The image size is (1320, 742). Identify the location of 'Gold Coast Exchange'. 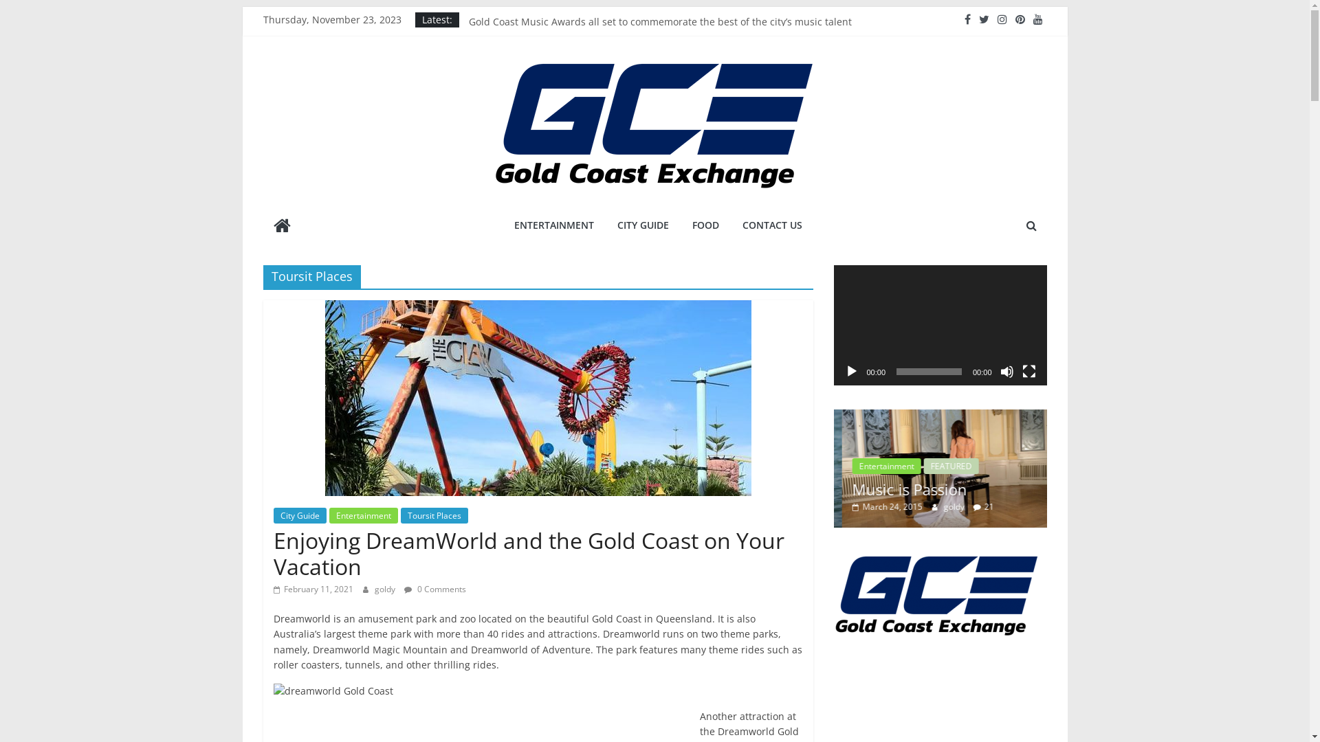
(280, 226).